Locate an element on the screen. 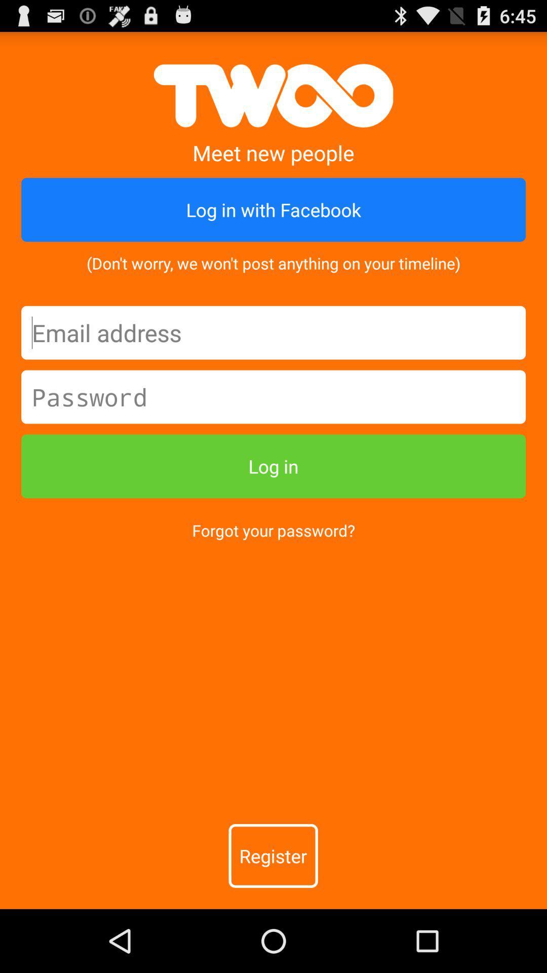 The width and height of the screenshot is (547, 973). icon at the bottom is located at coordinates (272, 855).